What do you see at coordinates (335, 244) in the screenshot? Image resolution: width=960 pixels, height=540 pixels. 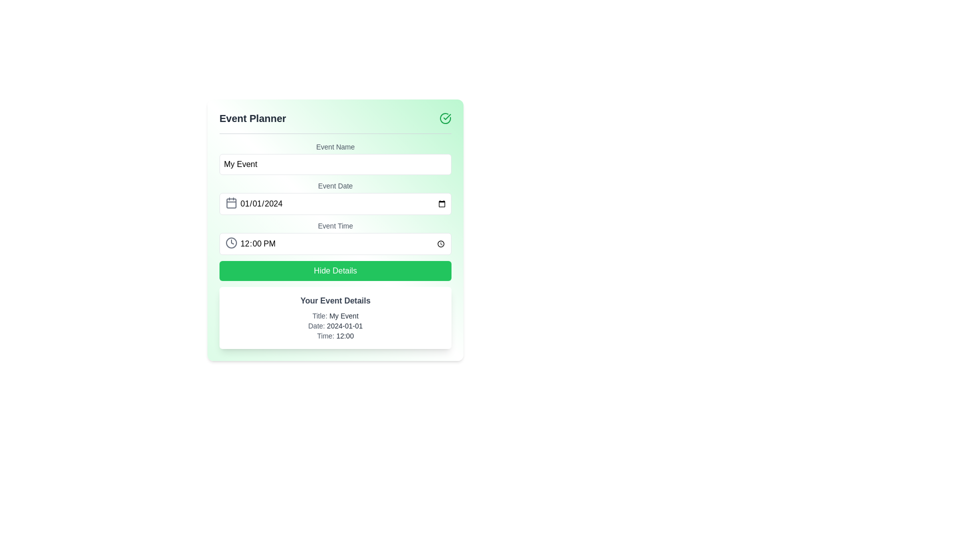 I see `the Time input field in the 'Event Planner' form, which is styled as a rounded box with a white background and contains the time value '12:00 PM'` at bounding box center [335, 244].